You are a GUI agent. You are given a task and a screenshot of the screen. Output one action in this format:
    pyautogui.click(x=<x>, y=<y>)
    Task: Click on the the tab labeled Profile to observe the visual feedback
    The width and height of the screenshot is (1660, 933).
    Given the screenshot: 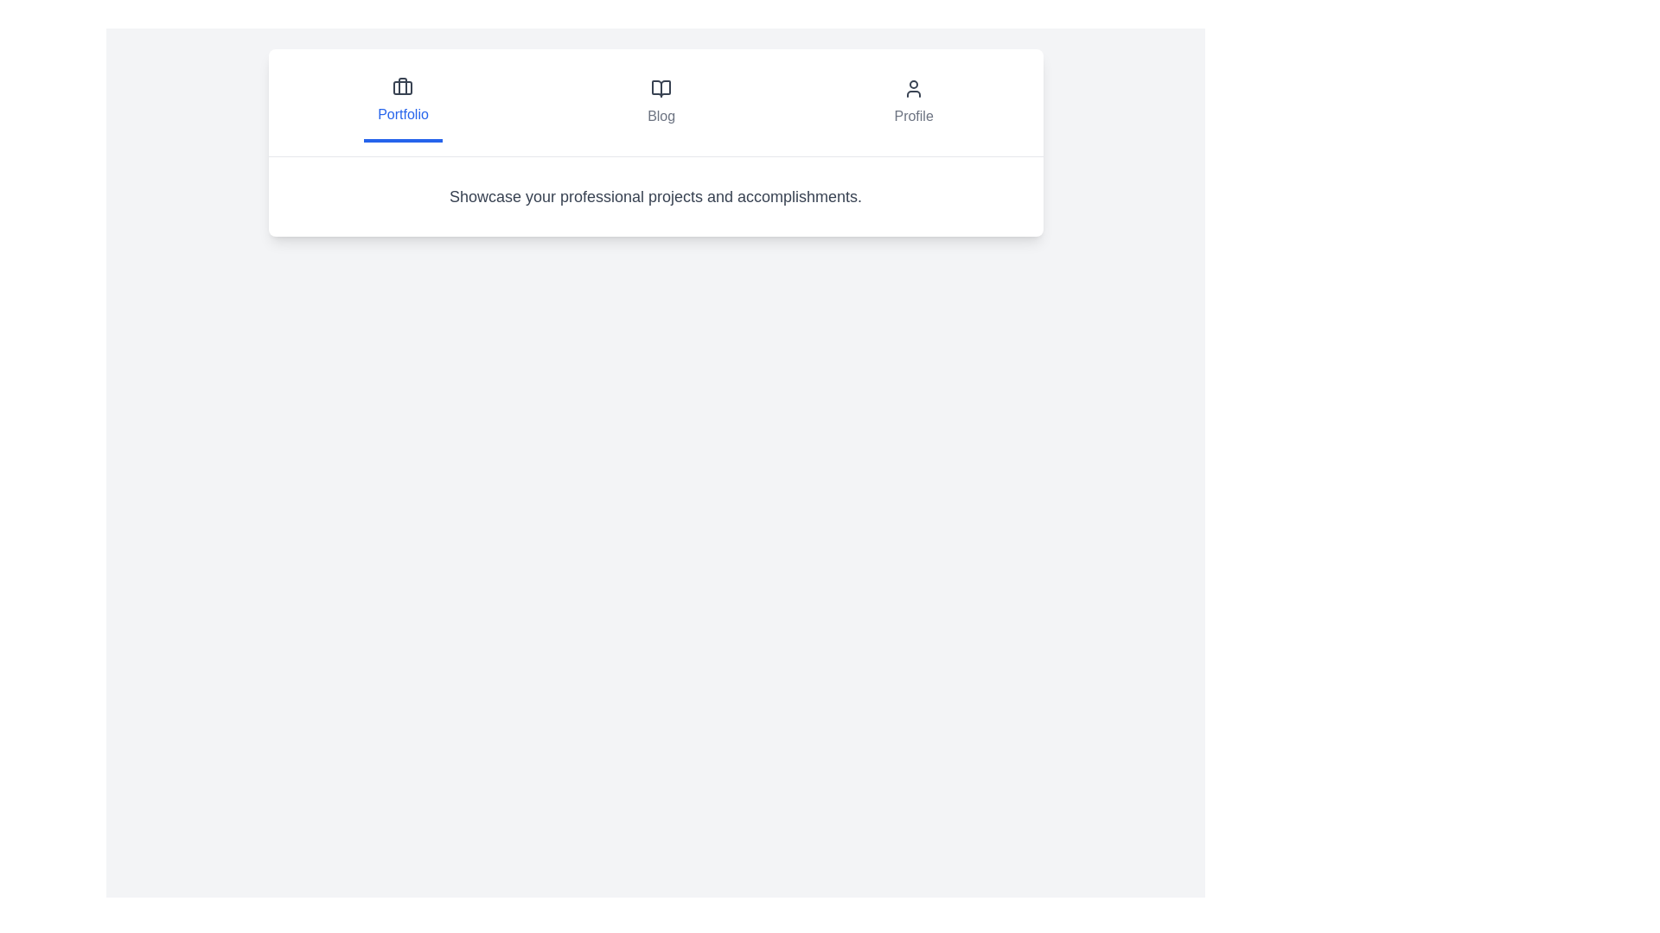 What is the action you would take?
    pyautogui.click(x=913, y=103)
    